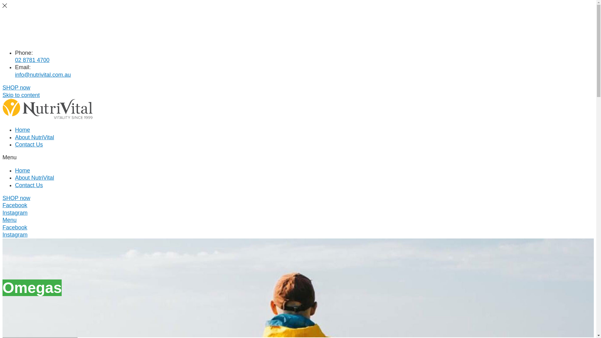 The image size is (601, 338). I want to click on 'Home', so click(23, 18).